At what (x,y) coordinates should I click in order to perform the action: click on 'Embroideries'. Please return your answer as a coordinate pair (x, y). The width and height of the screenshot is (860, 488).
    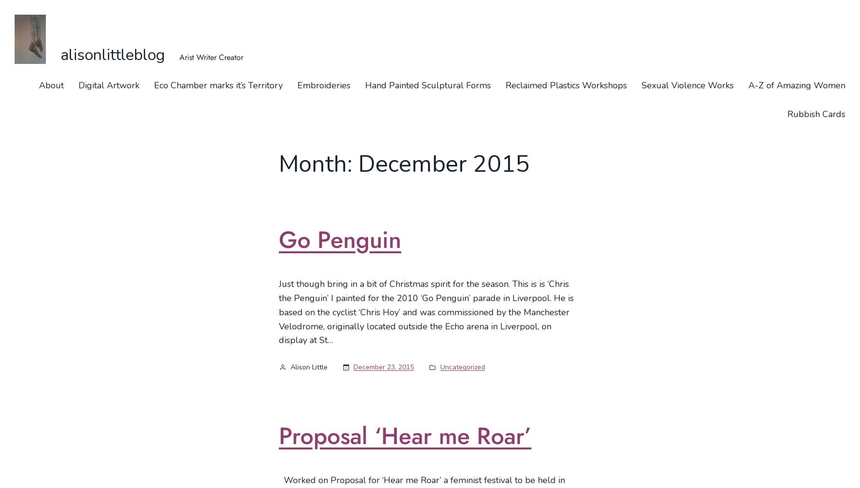
    Looking at the image, I should click on (324, 85).